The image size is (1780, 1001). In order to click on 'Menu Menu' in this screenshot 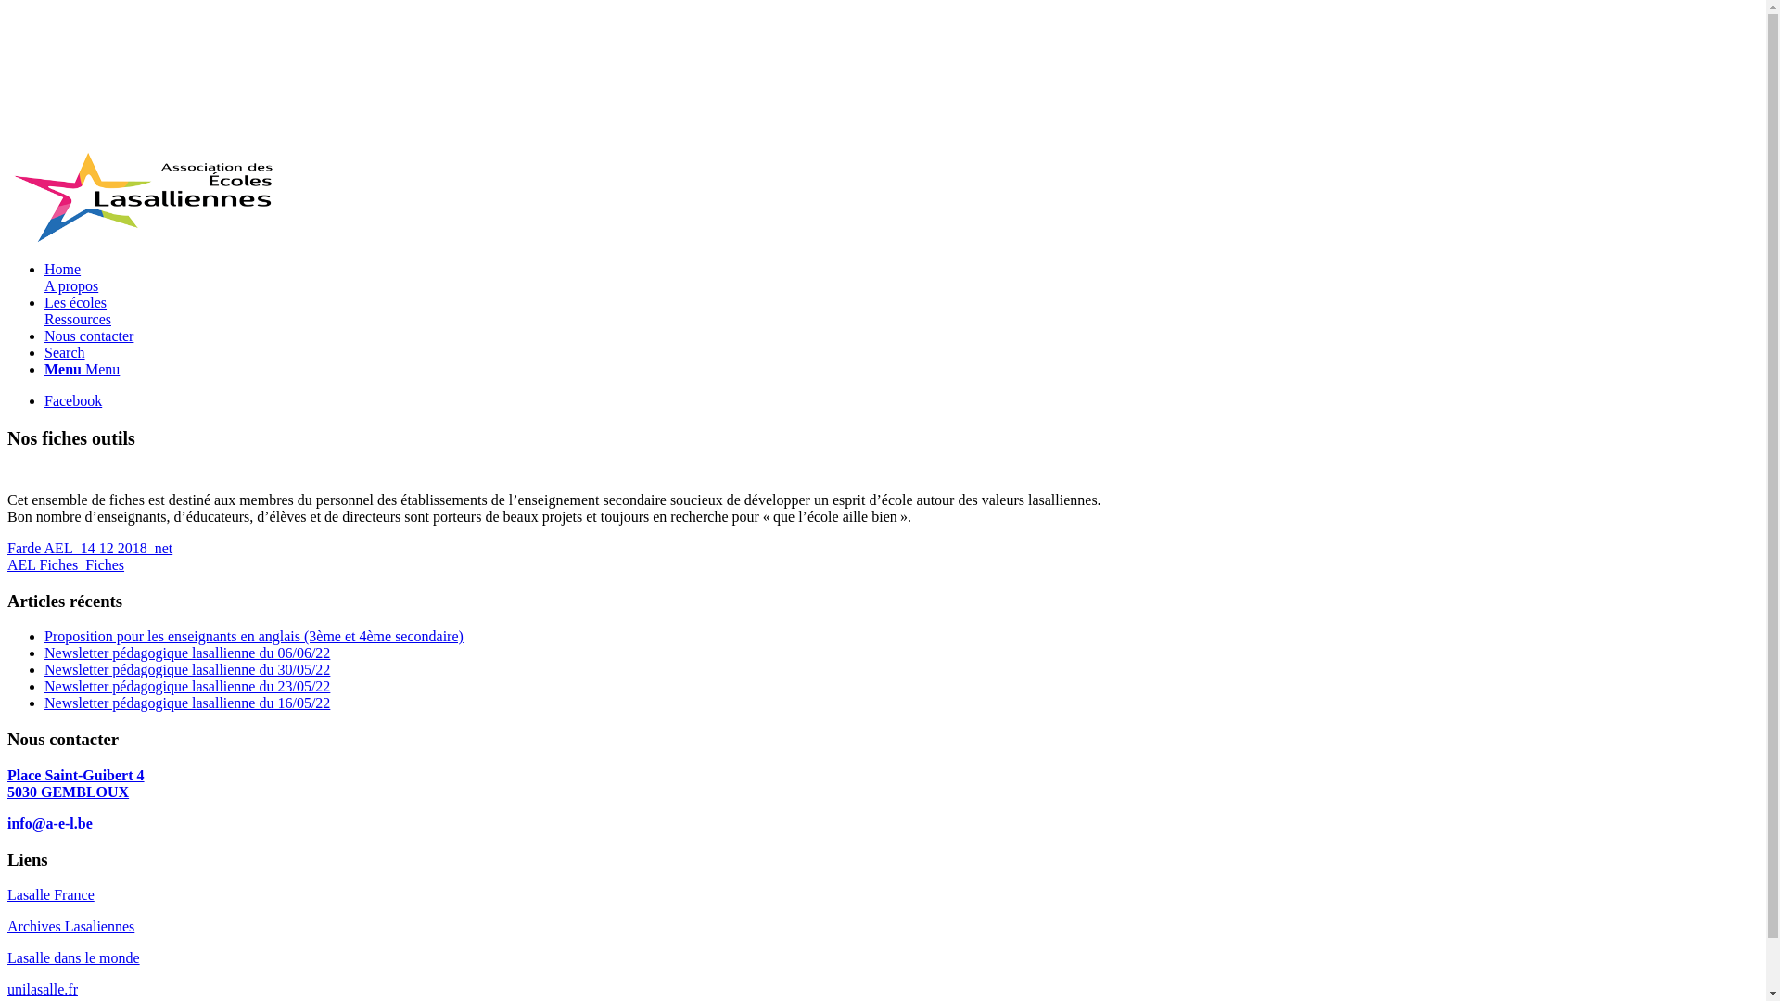, I will do `click(81, 369)`.